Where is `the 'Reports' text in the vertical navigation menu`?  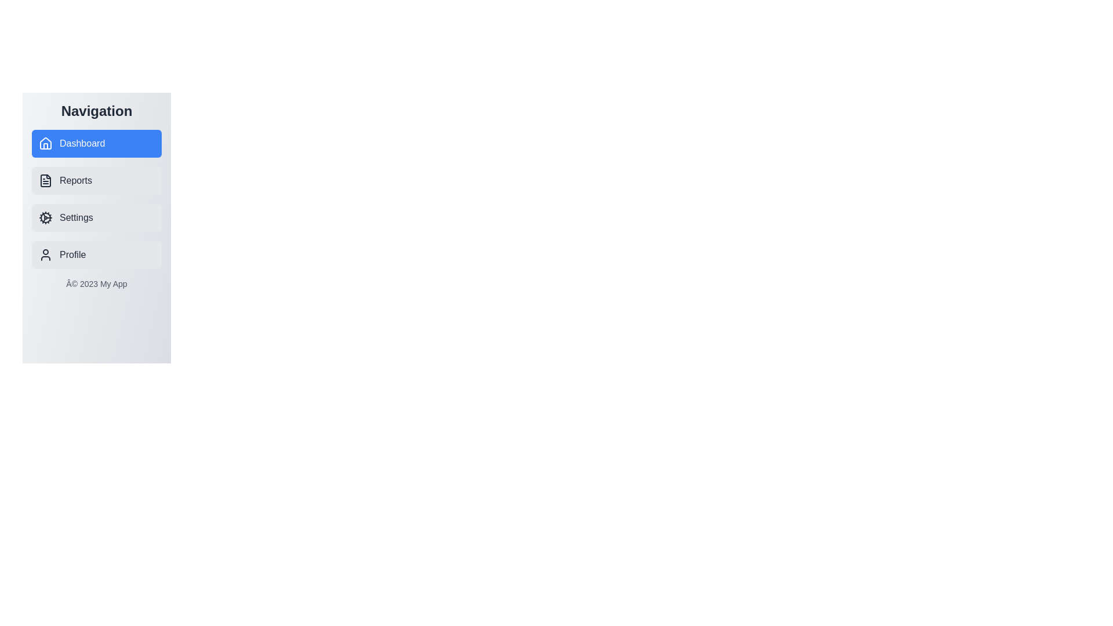
the 'Reports' text in the vertical navigation menu is located at coordinates (75, 181).